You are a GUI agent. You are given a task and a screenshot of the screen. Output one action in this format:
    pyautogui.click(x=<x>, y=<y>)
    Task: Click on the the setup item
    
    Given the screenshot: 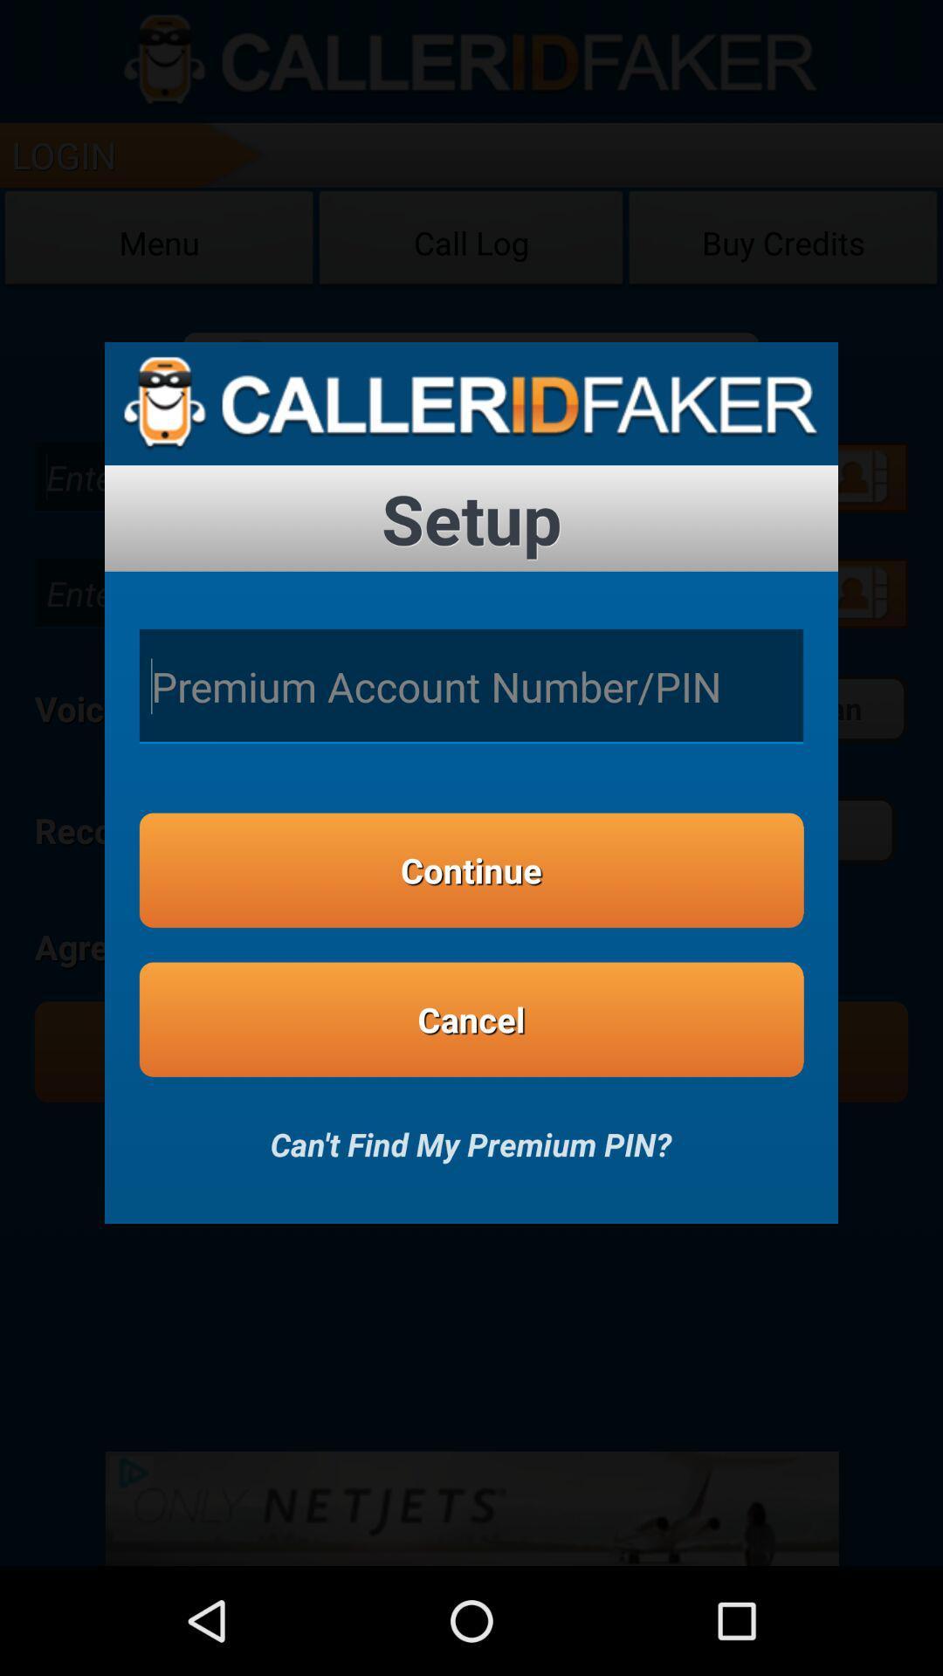 What is the action you would take?
    pyautogui.click(x=471, y=518)
    